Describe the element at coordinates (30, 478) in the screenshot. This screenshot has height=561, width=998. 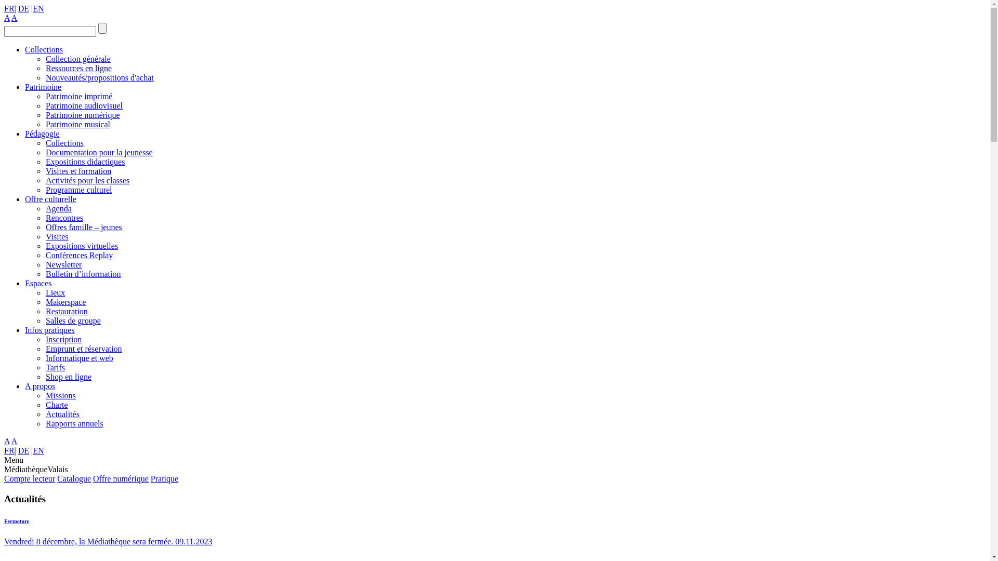
I see `'Compte lecteur'` at that location.